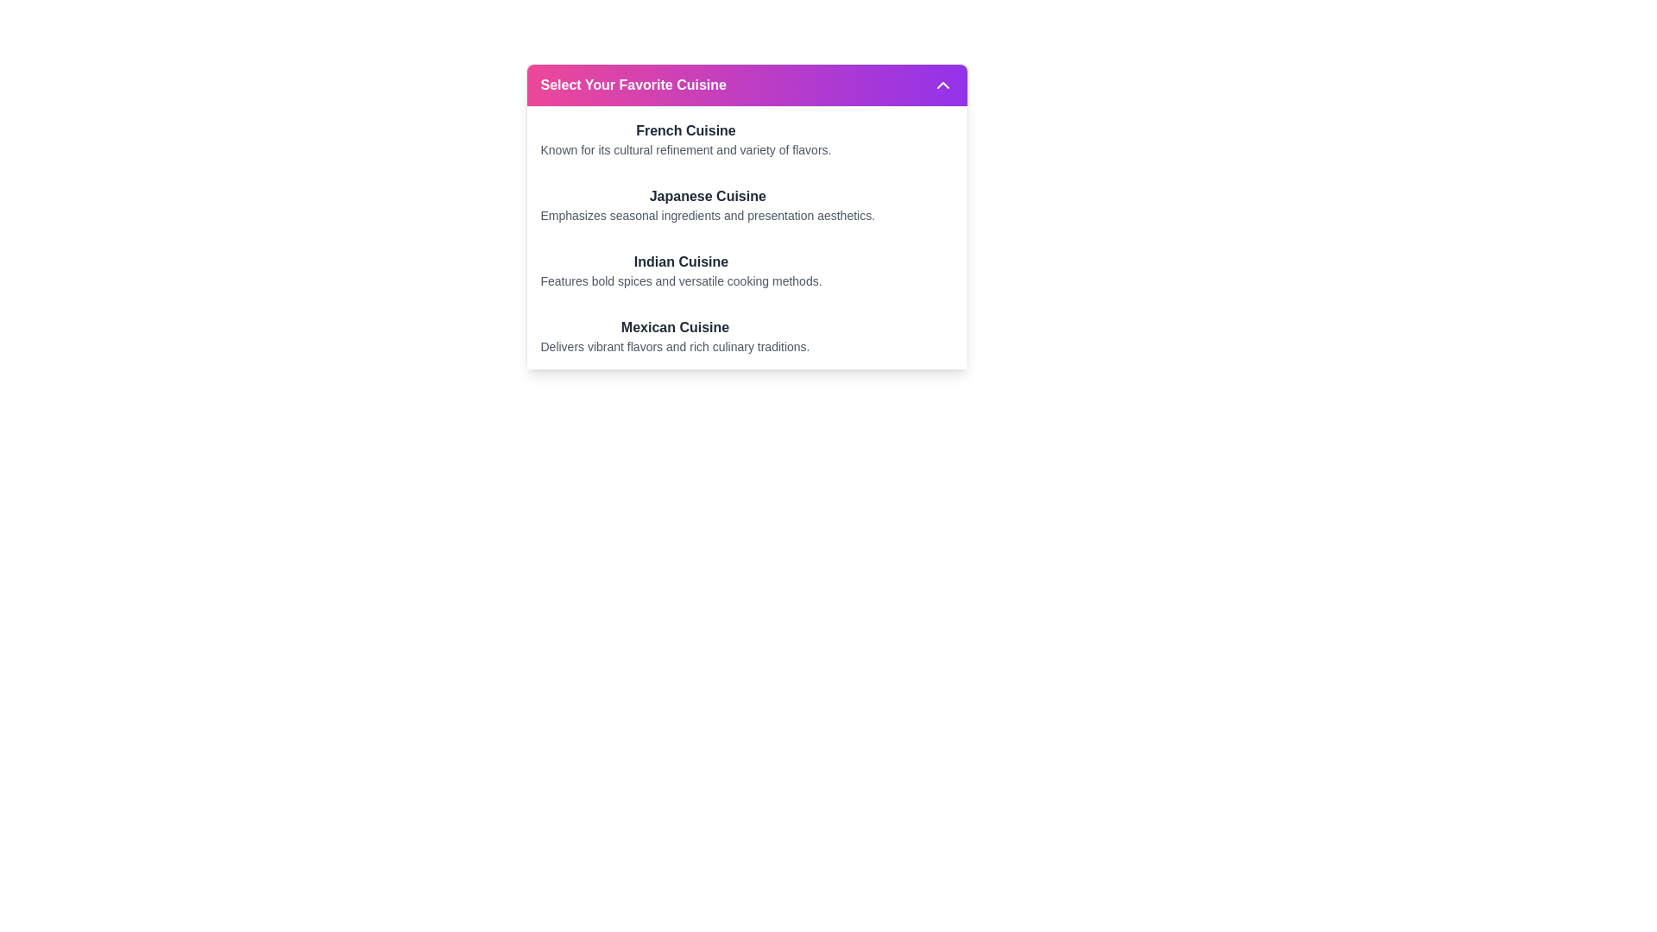 This screenshot has width=1657, height=932. Describe the element at coordinates (942, 85) in the screenshot. I see `the chevron icon located at the far-right end of the purple title bar, aligned with the text 'Select Your Favorite Cuisine'` at that location.